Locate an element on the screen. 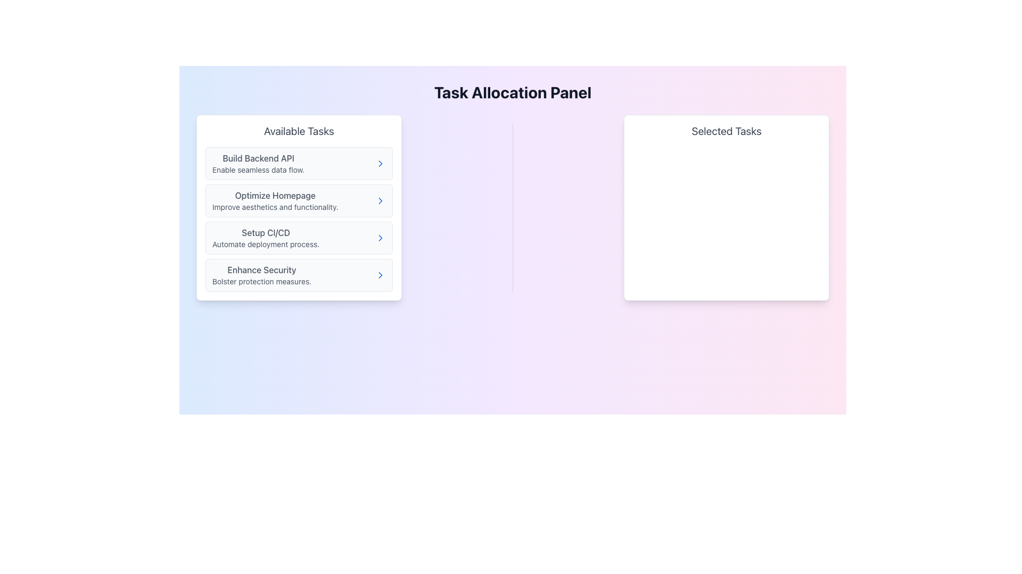  static text display providing additional information about the task 'Optimize Homepage', located below the main task title in the 'Available Tasks' panel is located at coordinates (275, 207).